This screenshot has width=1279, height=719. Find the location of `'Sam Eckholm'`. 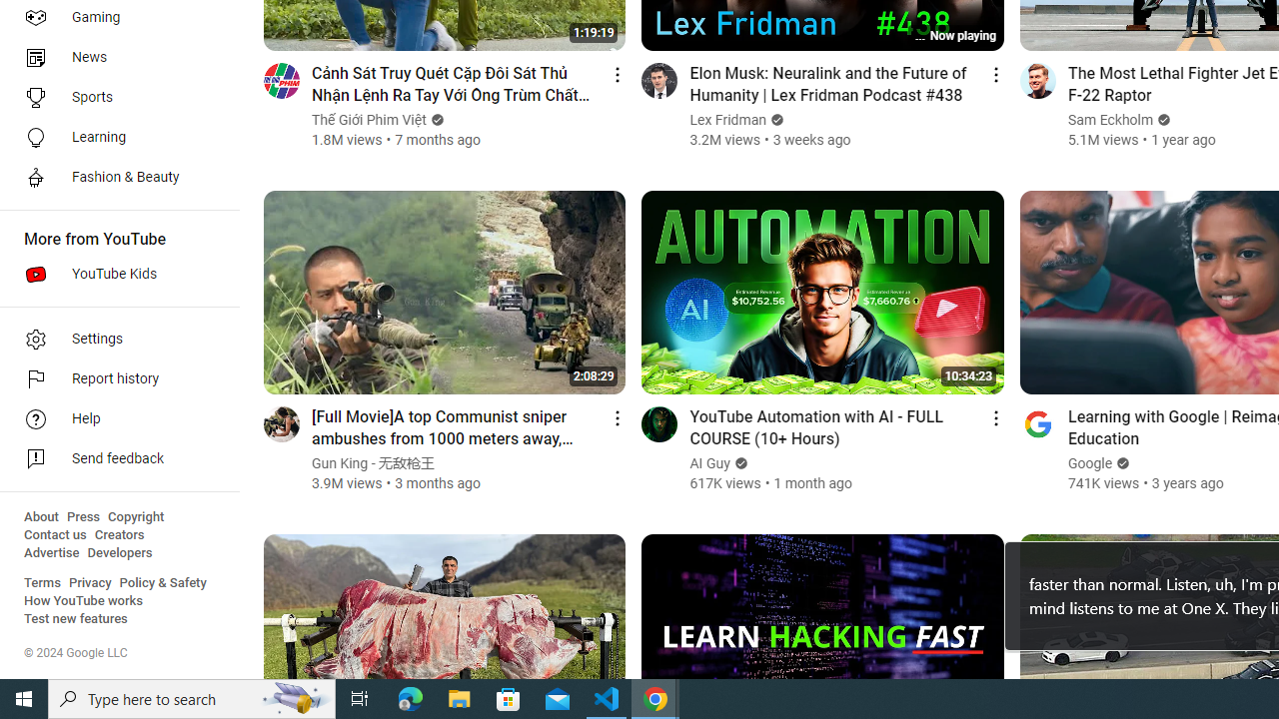

'Sam Eckholm' is located at coordinates (1109, 120).